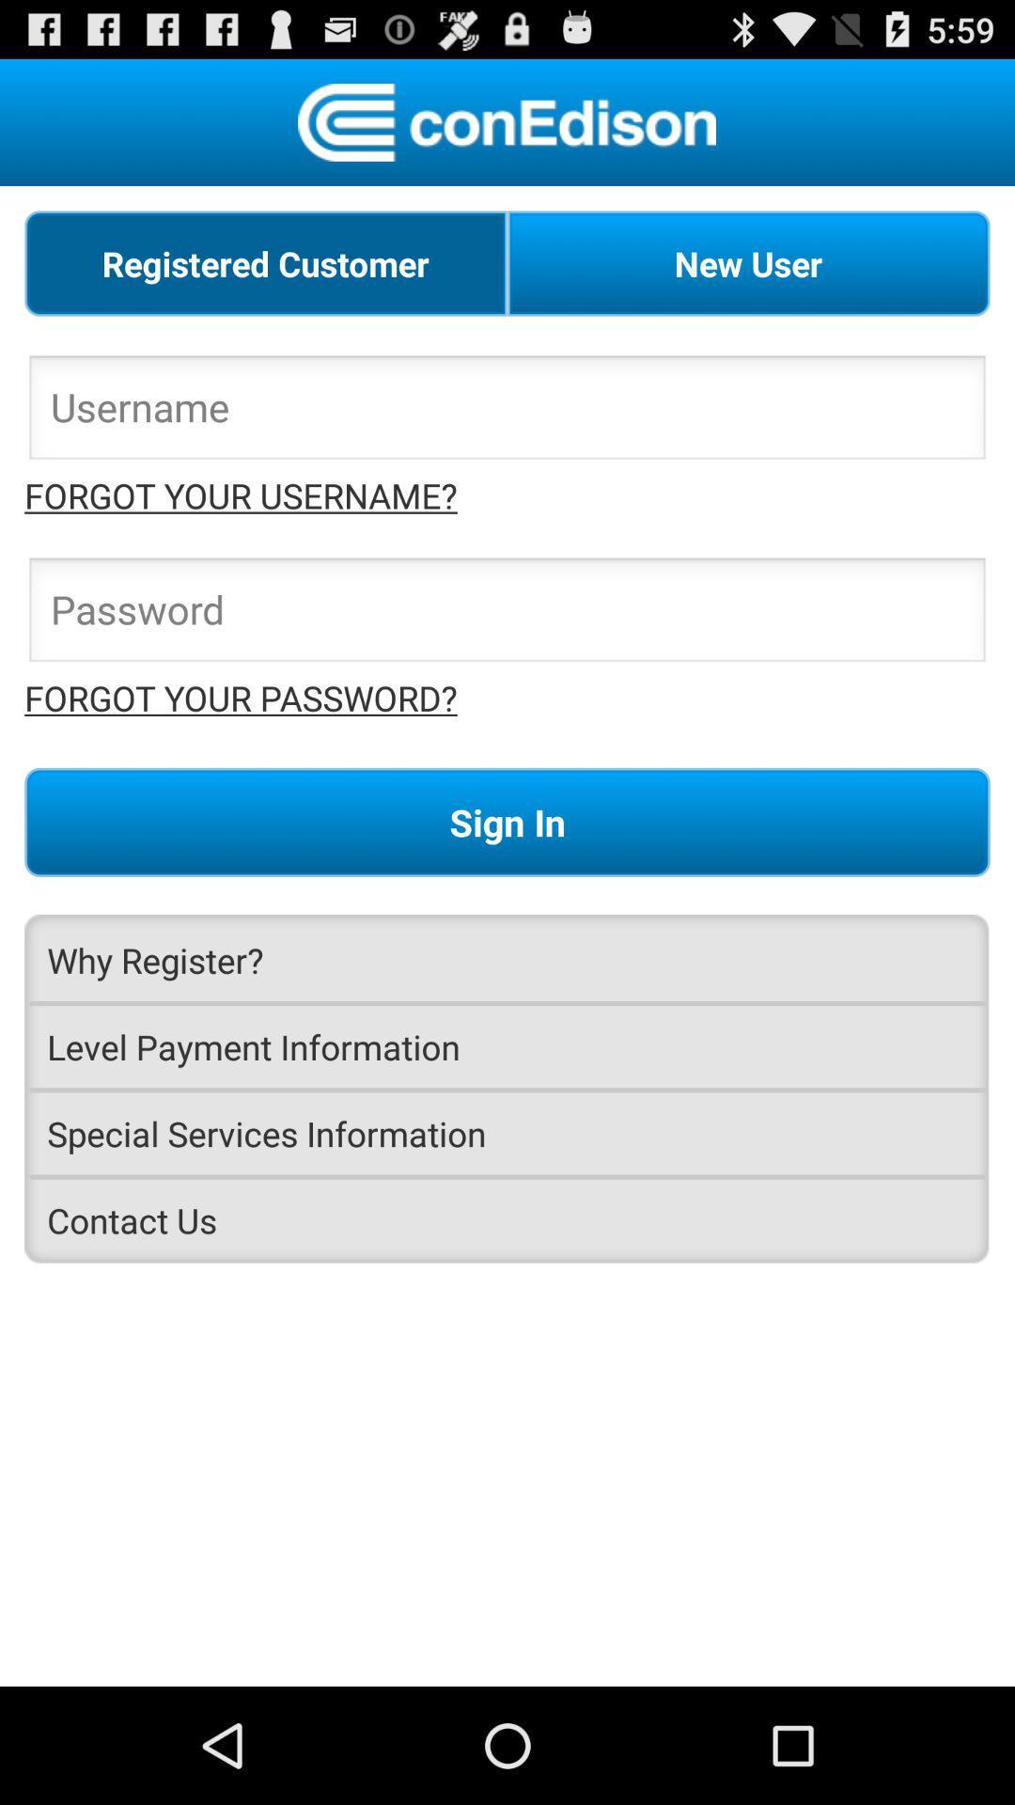  What do you see at coordinates (507, 1132) in the screenshot?
I see `the special services information icon` at bounding box center [507, 1132].